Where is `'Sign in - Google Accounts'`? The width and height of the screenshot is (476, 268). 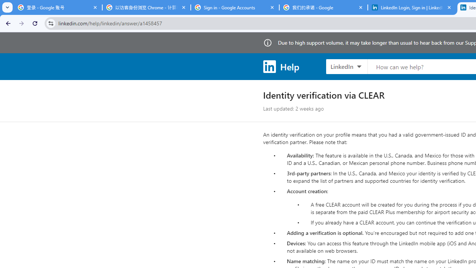
'Sign in - Google Accounts' is located at coordinates (235, 7).